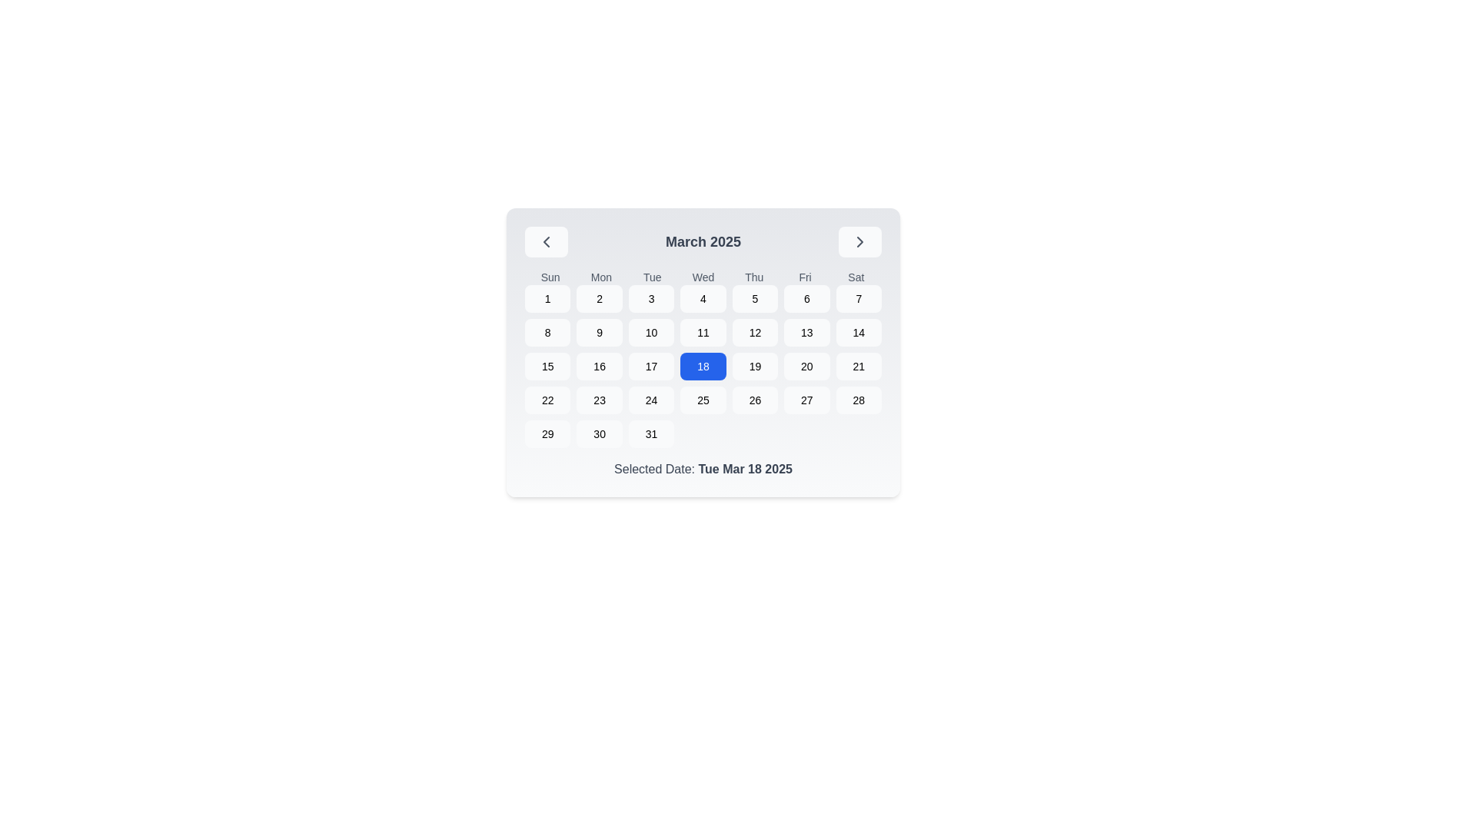  I want to click on the button representing the date '15' in the March 2025 calendar, so click(547, 367).